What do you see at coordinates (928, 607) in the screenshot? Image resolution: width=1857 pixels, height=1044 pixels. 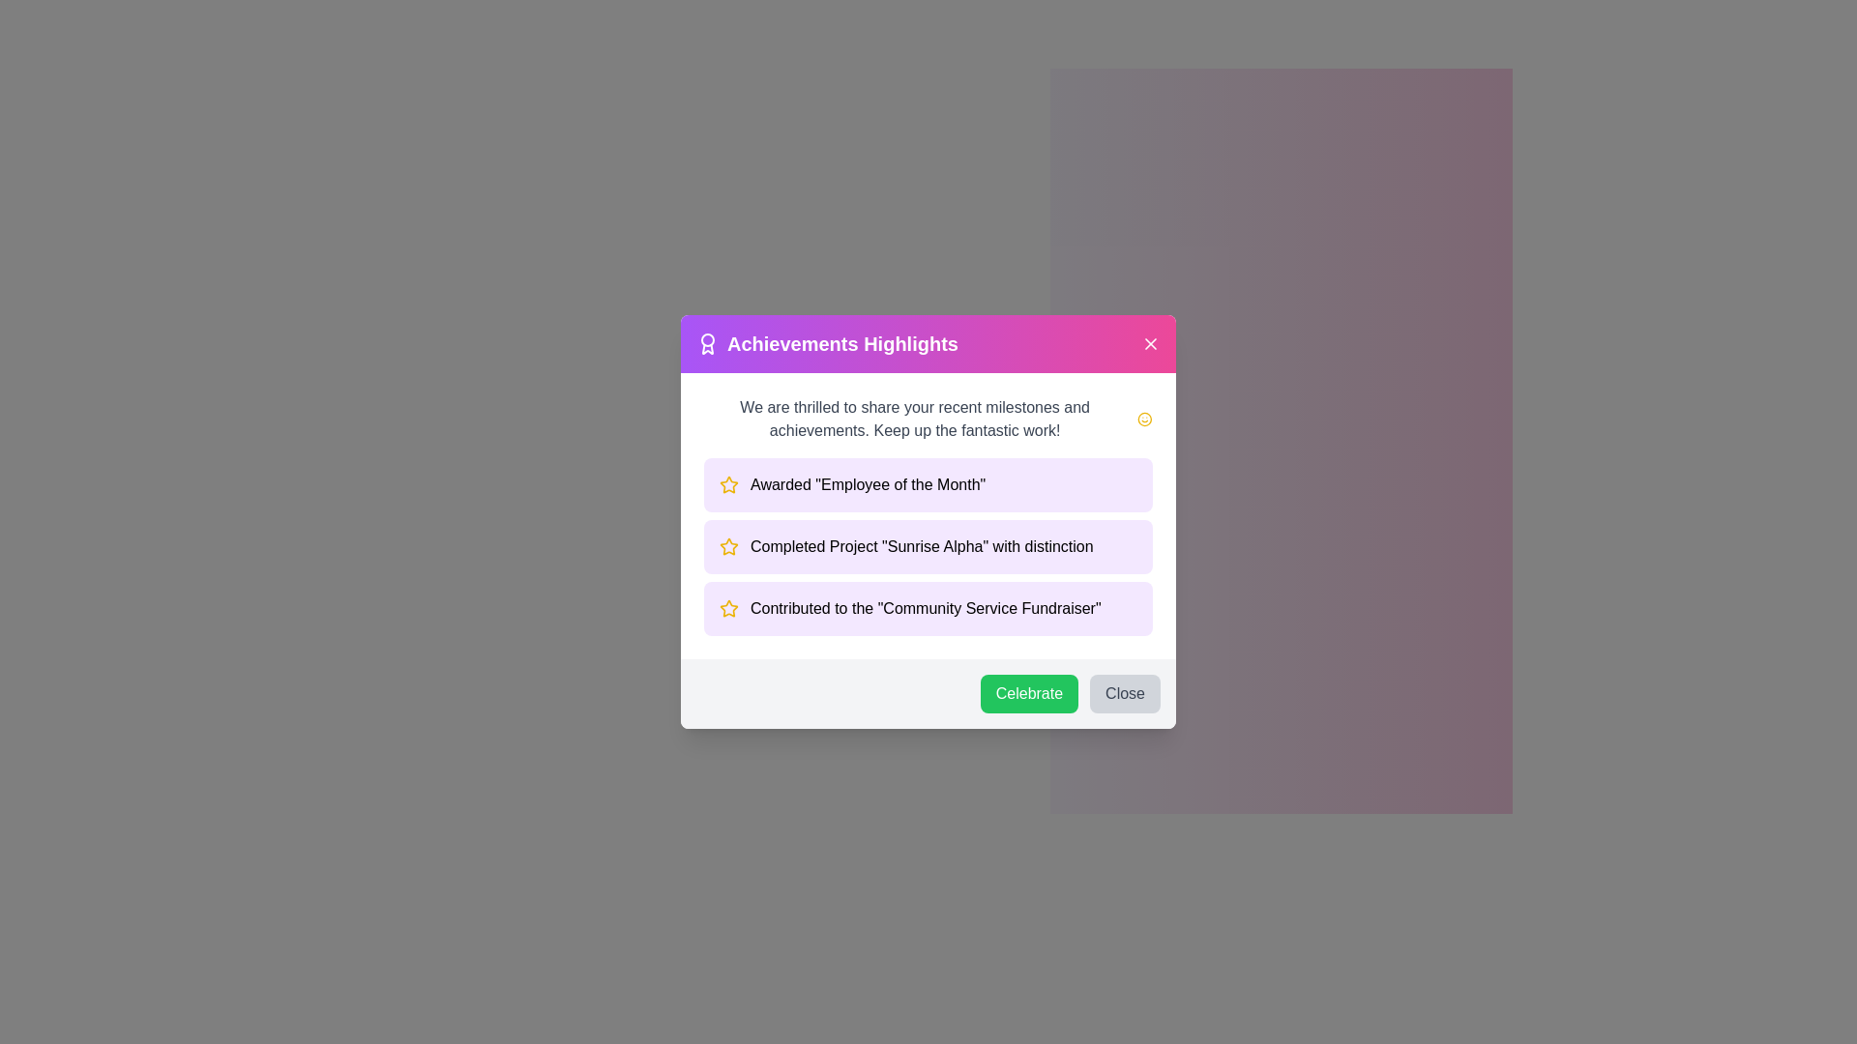 I see `the Informational card with a light purple background that contains the text 'Contributed to the "Community Service Fundraiser"' and is the third item in the 'Achievements Highlights' modal` at bounding box center [928, 607].